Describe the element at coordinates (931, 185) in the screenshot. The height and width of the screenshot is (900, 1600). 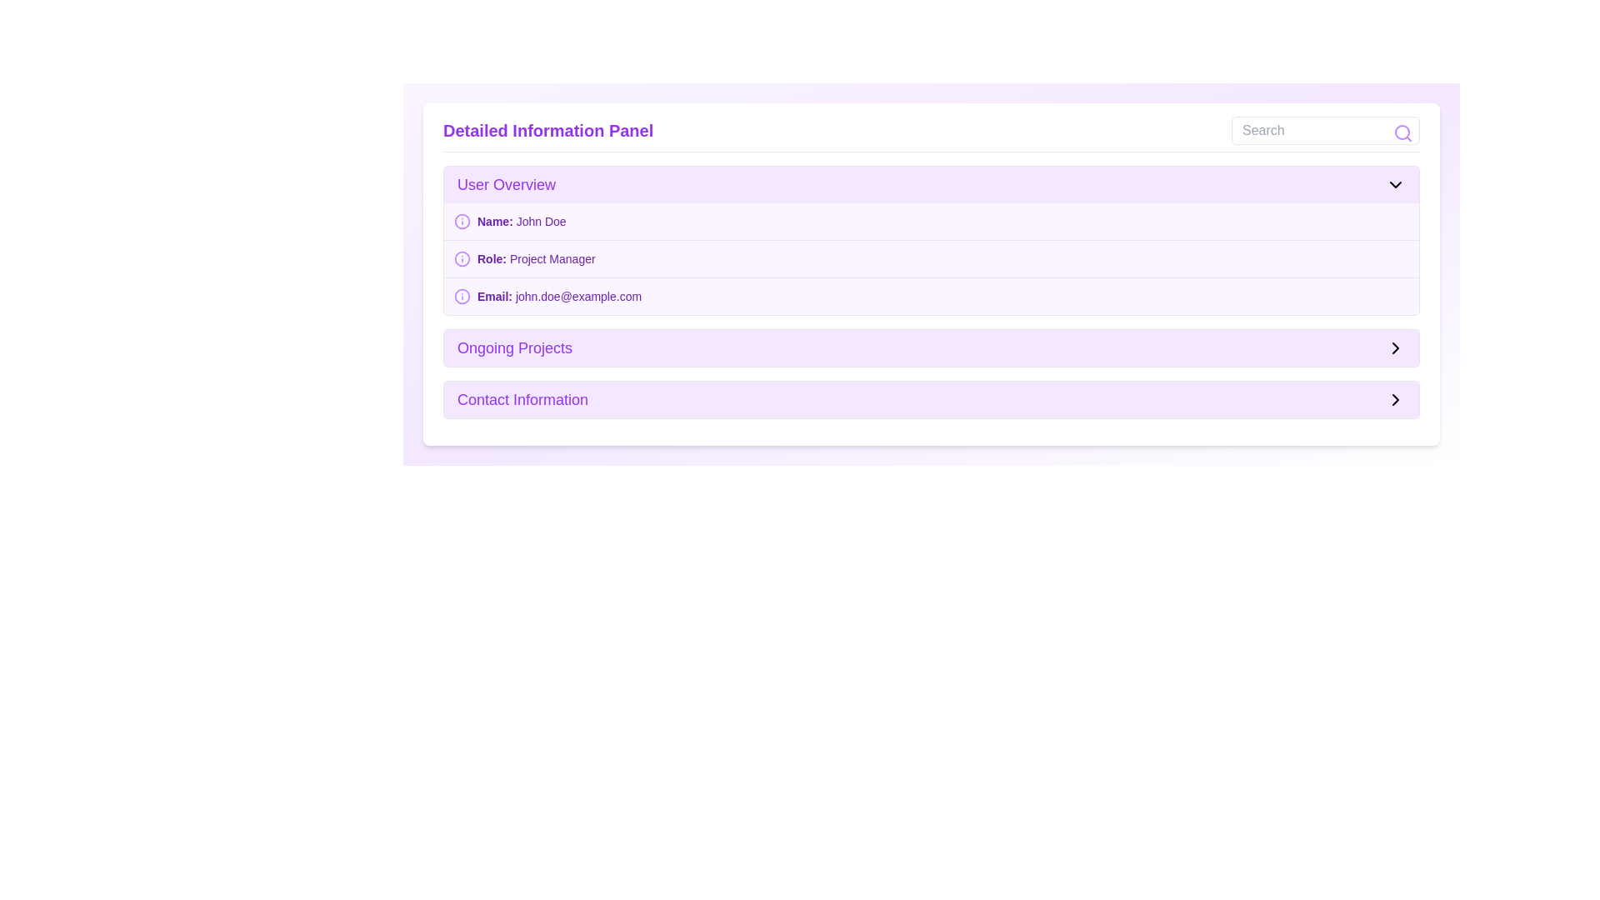
I see `the 'User Overview' toggle bar with a light purple background` at that location.